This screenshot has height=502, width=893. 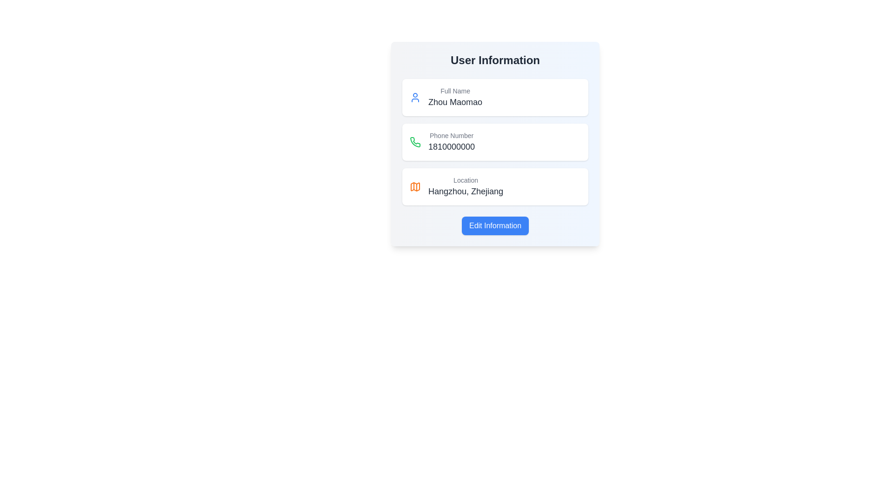 What do you see at coordinates (455, 91) in the screenshot?
I see `the label indicating the full name that is part of the User Information section, positioned above the value 'Zhou Maomao'` at bounding box center [455, 91].